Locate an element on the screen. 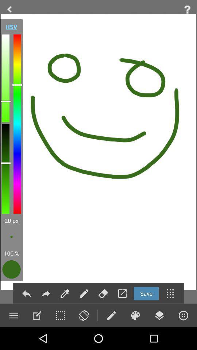 This screenshot has width=197, height=350. the edit icon is located at coordinates (65, 293).